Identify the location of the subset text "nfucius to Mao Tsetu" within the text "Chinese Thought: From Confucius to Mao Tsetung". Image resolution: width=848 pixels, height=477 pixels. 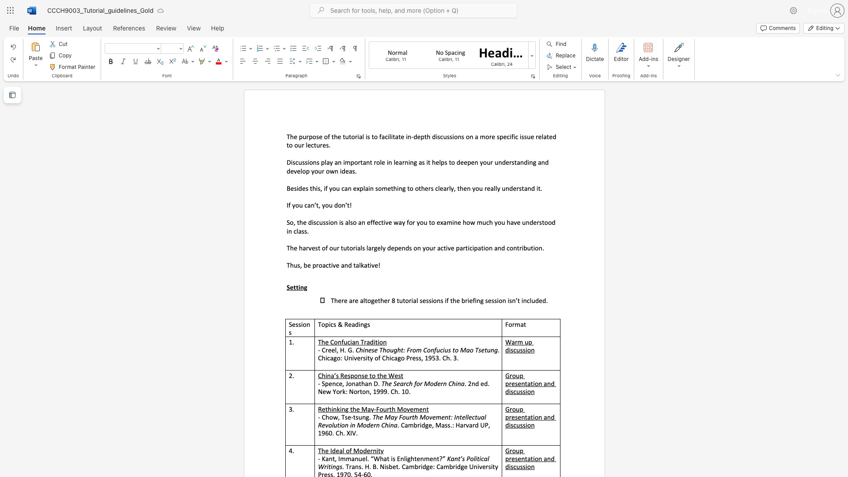
(430, 349).